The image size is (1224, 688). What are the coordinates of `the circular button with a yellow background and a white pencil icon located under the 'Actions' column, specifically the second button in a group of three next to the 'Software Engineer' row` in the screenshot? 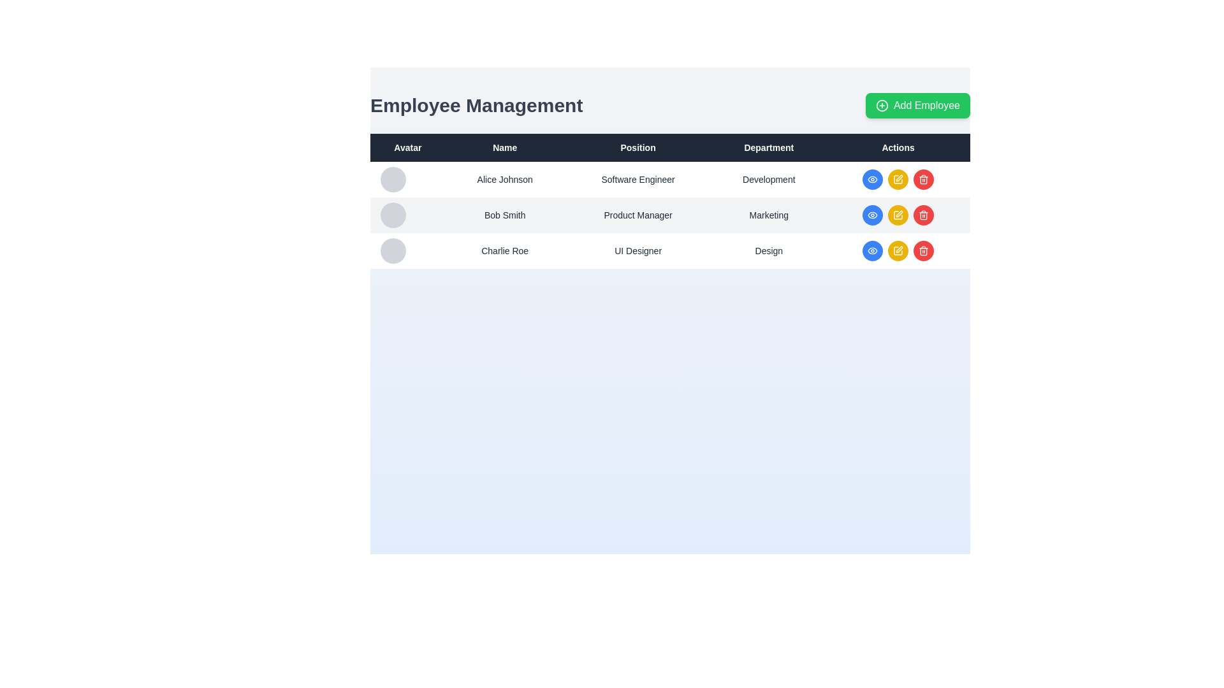 It's located at (898, 179).